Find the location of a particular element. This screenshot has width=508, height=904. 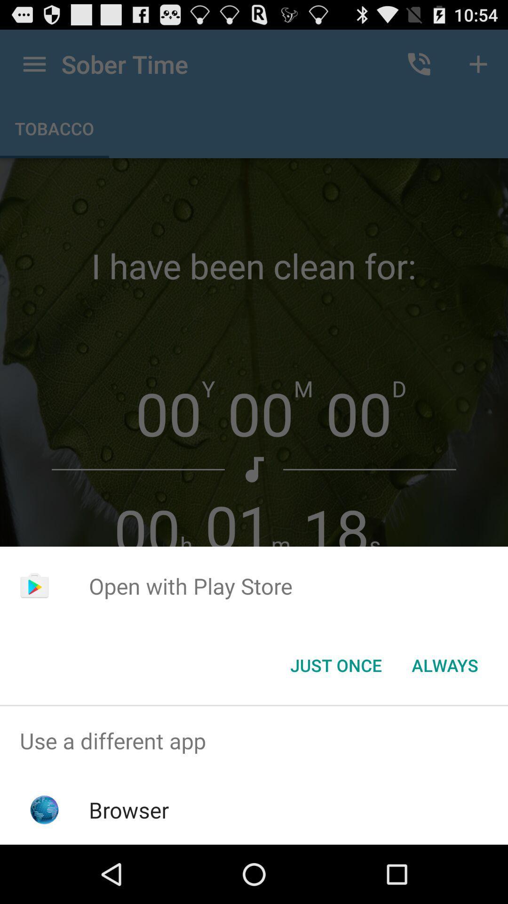

button next to always is located at coordinates (335, 664).